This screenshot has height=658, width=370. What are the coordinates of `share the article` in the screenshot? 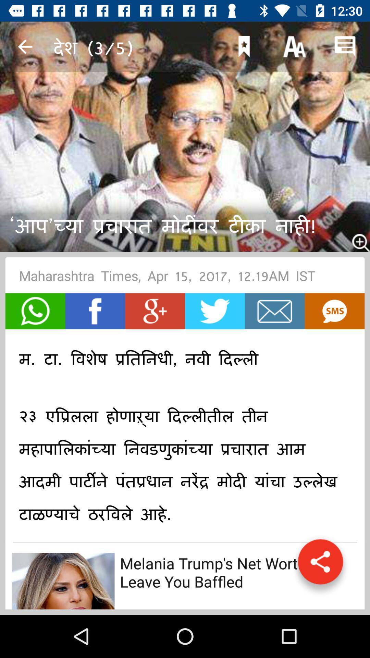 It's located at (320, 565).